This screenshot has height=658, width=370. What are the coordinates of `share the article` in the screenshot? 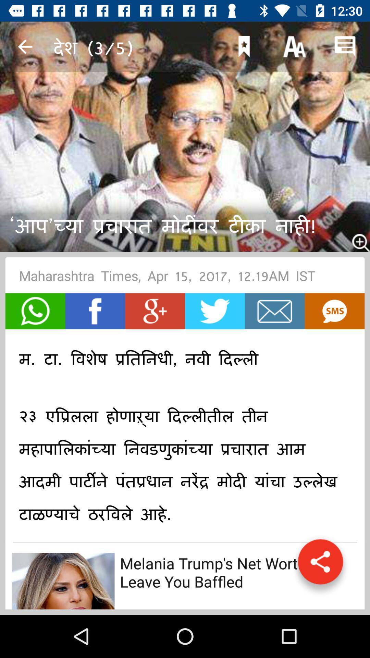 It's located at (320, 565).